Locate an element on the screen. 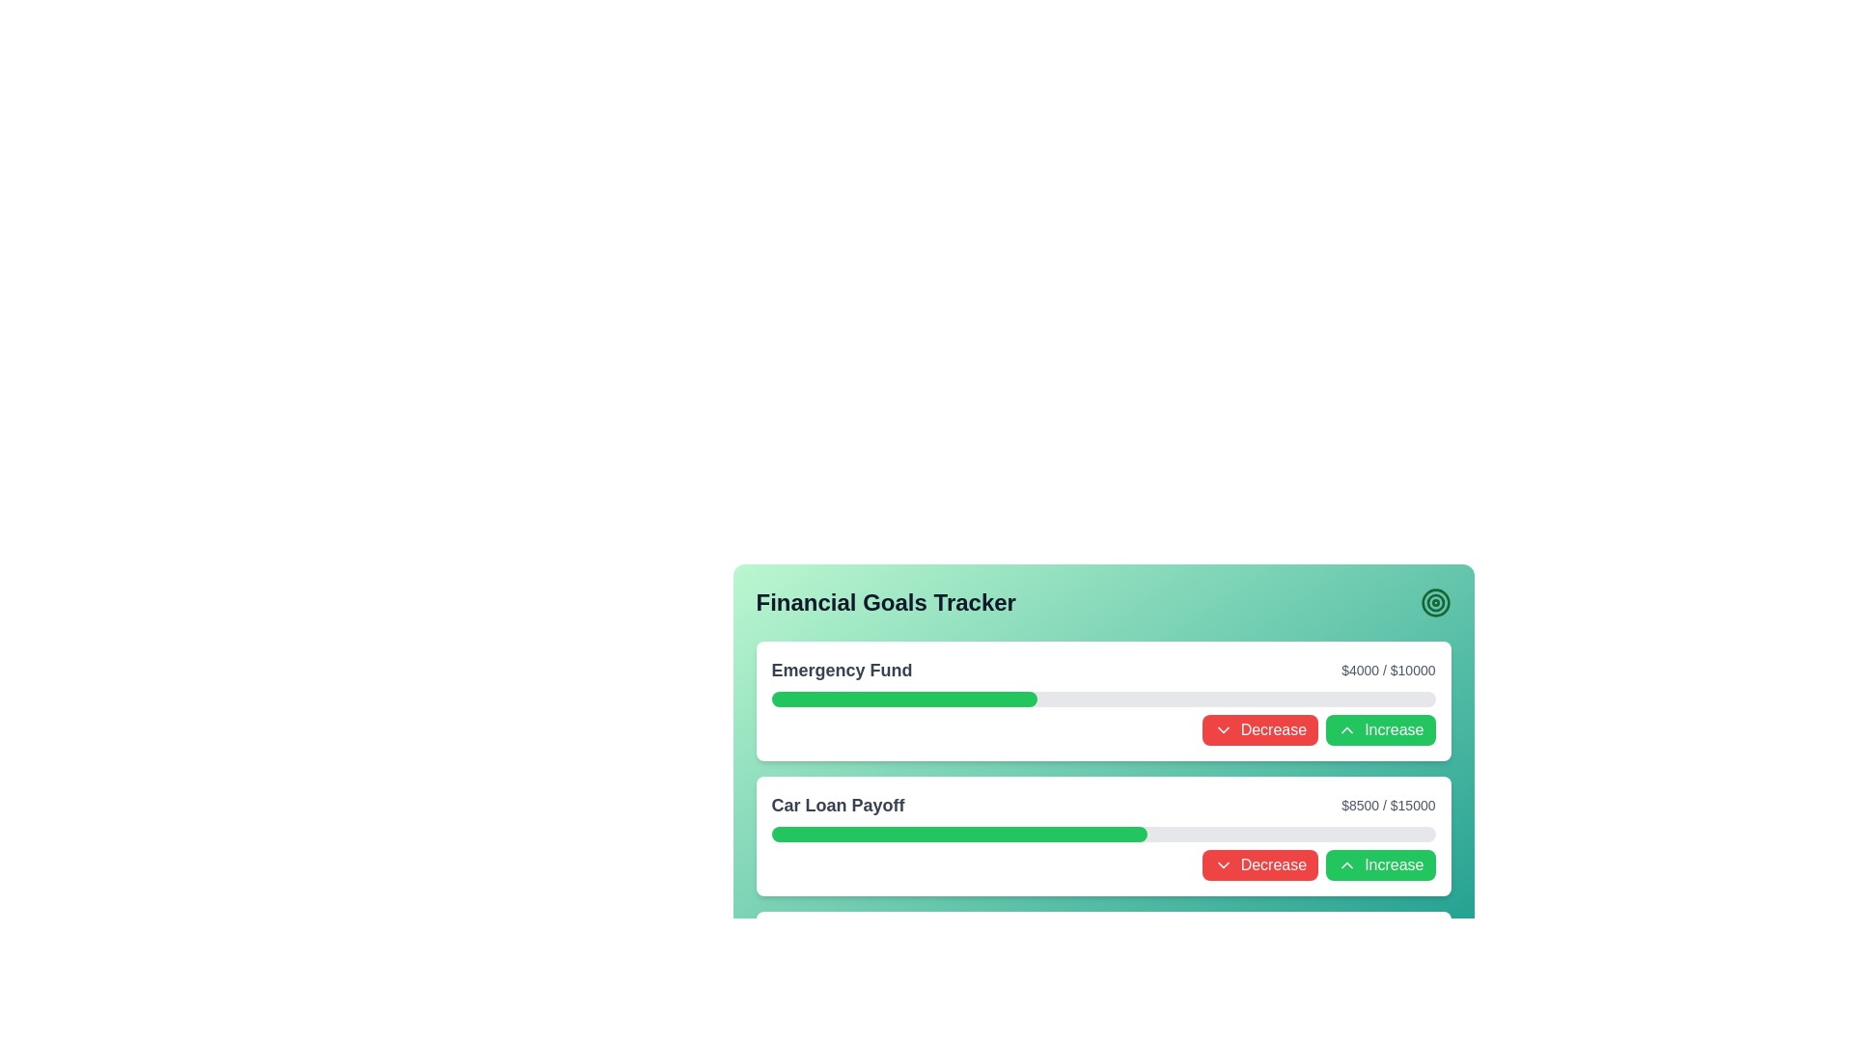  the informational Text Label displaying the progress or current status of the goal or milestone related to 'Car Loan Payoff', which is located at the end of the section row is located at coordinates (1387, 805).